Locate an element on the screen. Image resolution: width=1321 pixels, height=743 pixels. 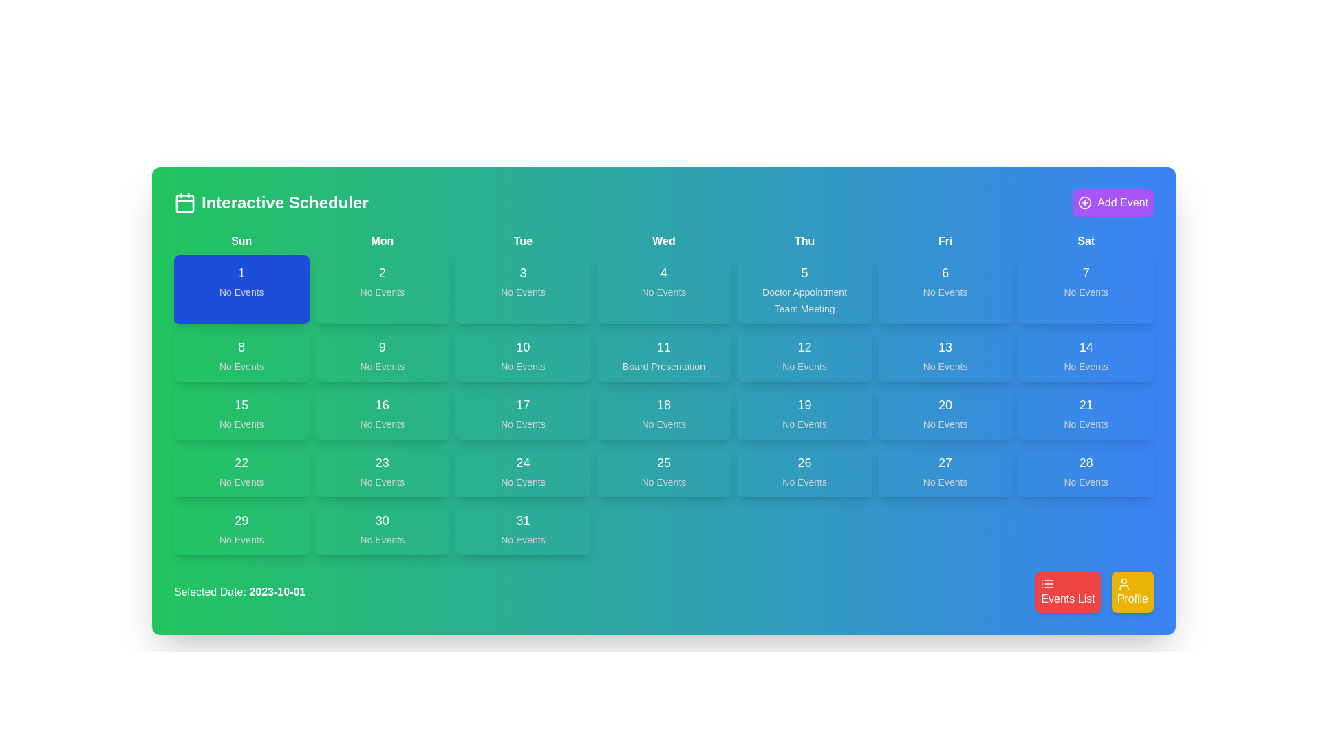
the calendar day block displaying '26' is located at coordinates (804, 471).